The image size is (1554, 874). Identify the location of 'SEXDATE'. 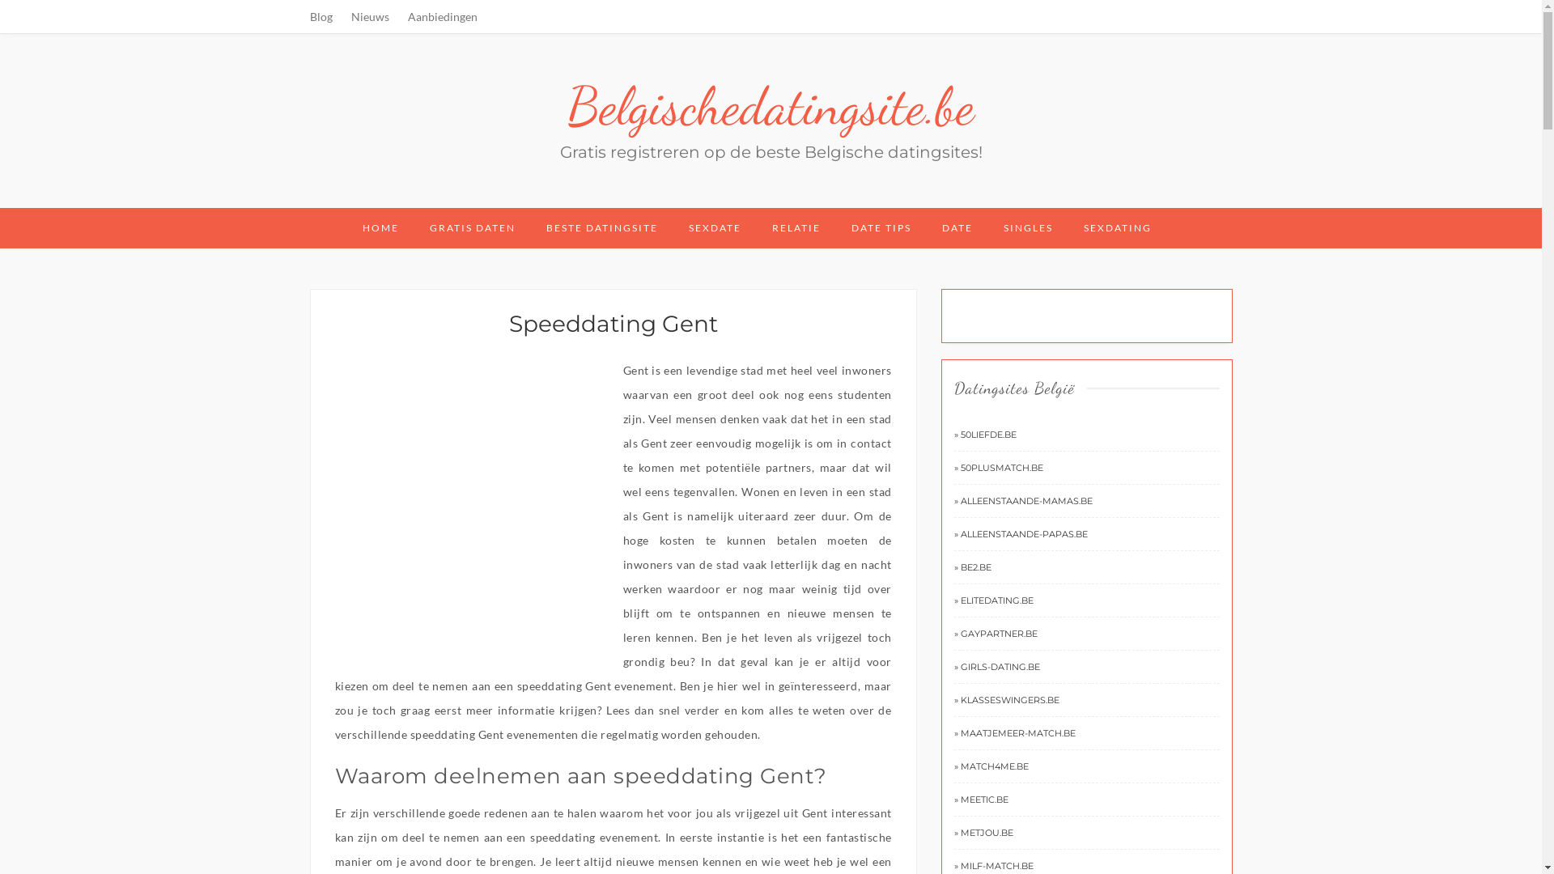
(713, 227).